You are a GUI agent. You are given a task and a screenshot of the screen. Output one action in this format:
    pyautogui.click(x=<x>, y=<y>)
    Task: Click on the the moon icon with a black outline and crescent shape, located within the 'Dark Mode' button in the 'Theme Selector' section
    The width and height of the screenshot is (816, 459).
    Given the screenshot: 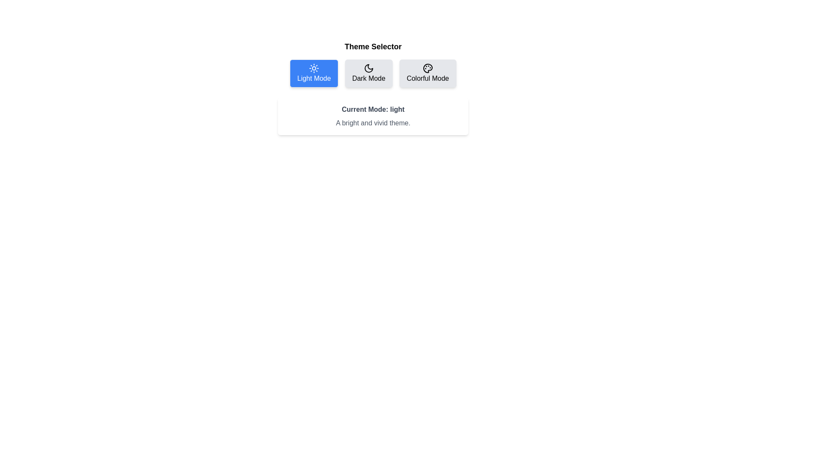 What is the action you would take?
    pyautogui.click(x=368, y=68)
    